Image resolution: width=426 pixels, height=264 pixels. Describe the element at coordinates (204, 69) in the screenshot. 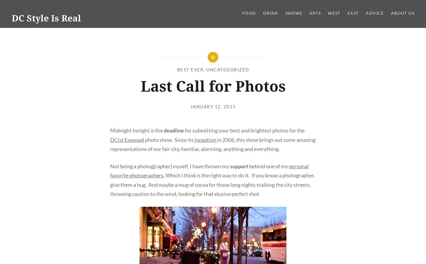

I see `','` at that location.